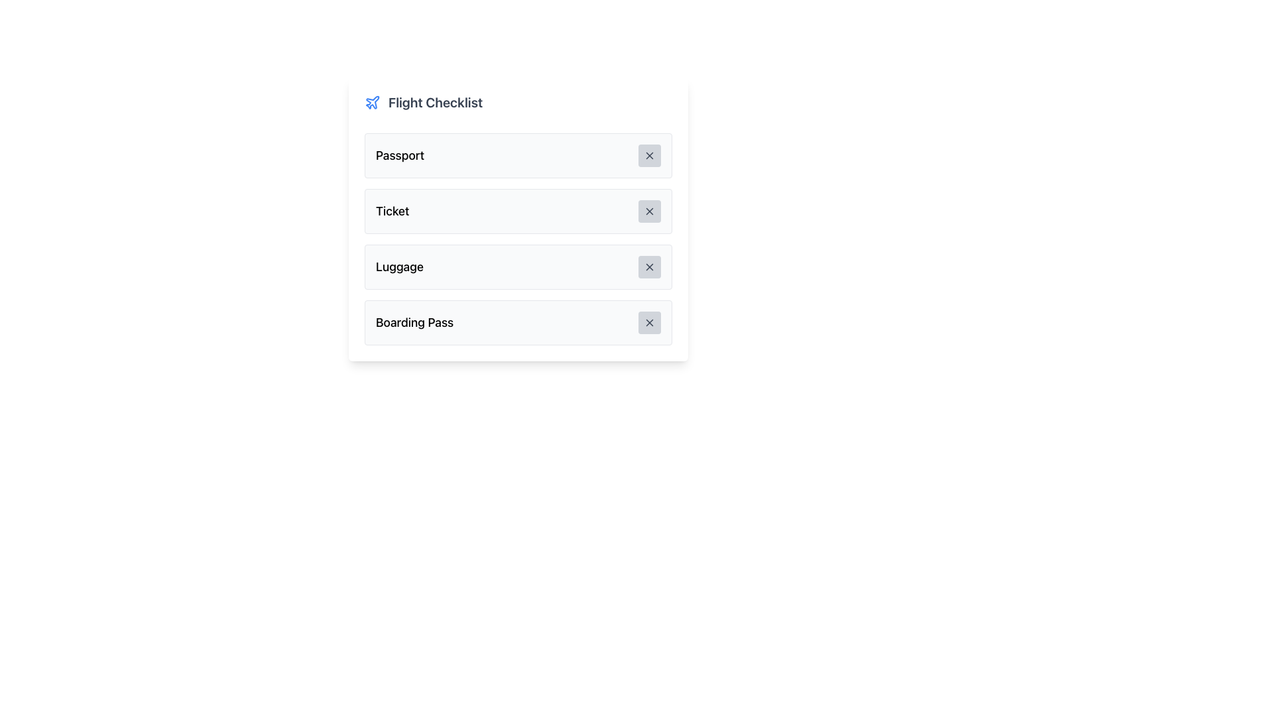  What do you see at coordinates (649, 155) in the screenshot?
I see `the small, rounded rectangular button with a light gray background and a darker gray 'X' icon located at the right end of the 'Passport' row in the checklist` at bounding box center [649, 155].